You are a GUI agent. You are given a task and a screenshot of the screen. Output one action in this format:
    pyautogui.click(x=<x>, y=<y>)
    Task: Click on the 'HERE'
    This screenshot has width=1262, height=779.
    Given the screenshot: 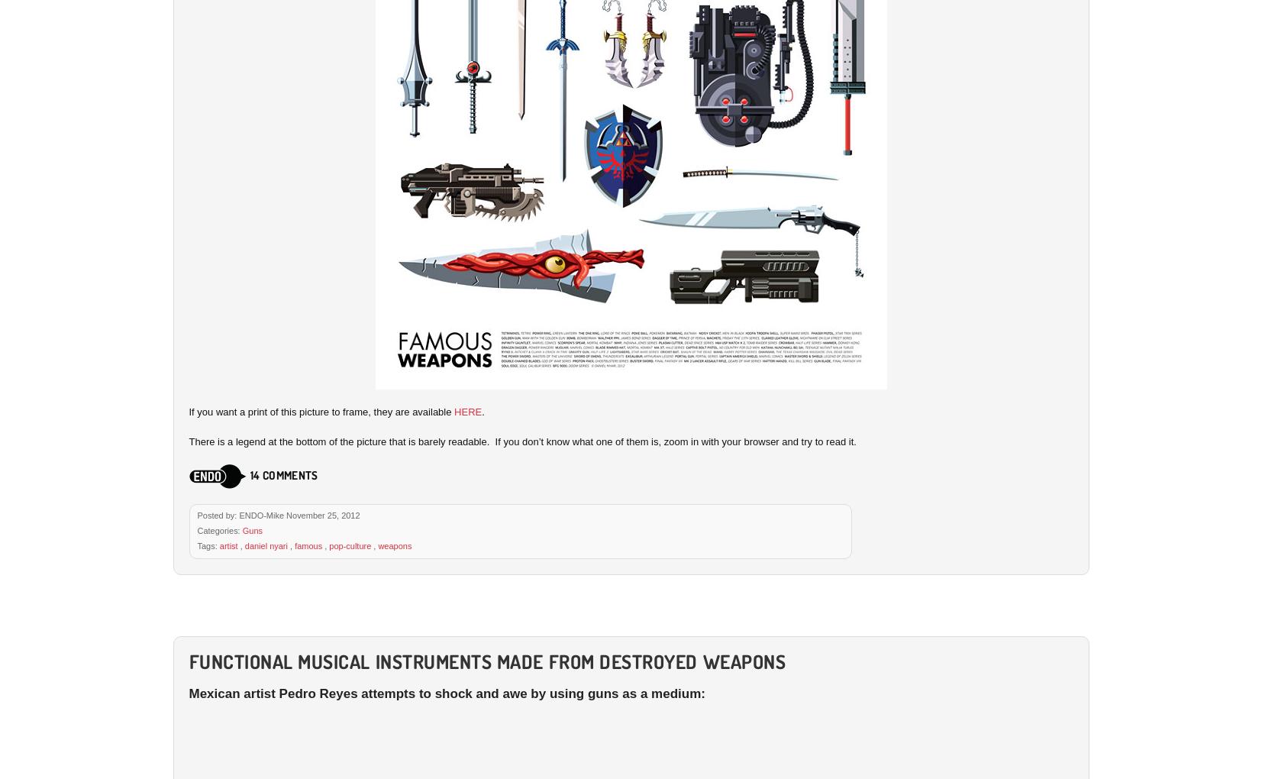 What is the action you would take?
    pyautogui.click(x=466, y=410)
    